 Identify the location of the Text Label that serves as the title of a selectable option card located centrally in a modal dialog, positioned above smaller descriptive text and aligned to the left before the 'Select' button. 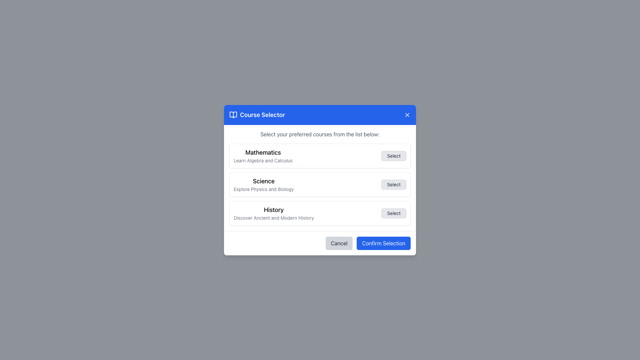
(274, 209).